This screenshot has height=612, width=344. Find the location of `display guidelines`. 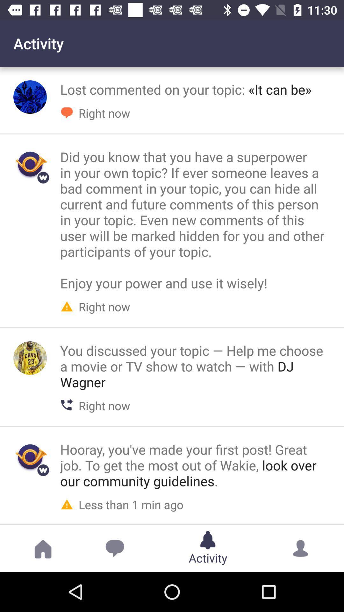

display guidelines is located at coordinates (30, 457).